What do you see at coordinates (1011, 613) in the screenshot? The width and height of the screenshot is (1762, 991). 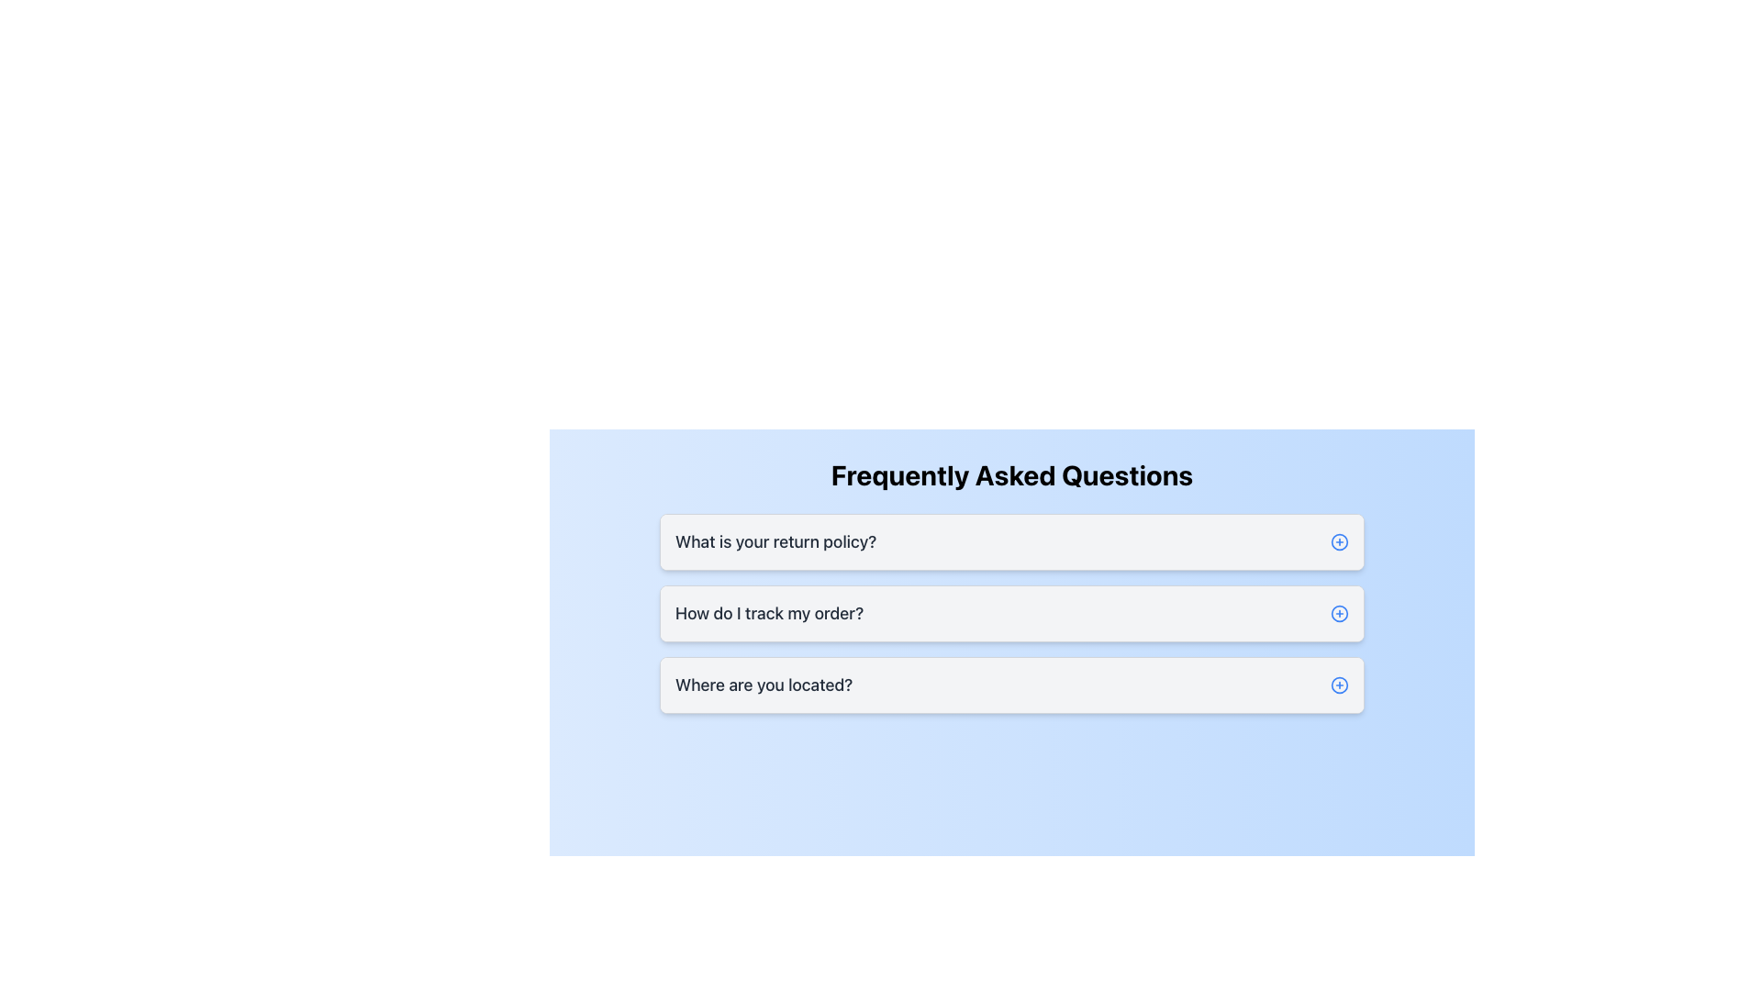 I see `the Interactive FAQ item labeled 'How do I track my order?' to change its background color` at bounding box center [1011, 613].